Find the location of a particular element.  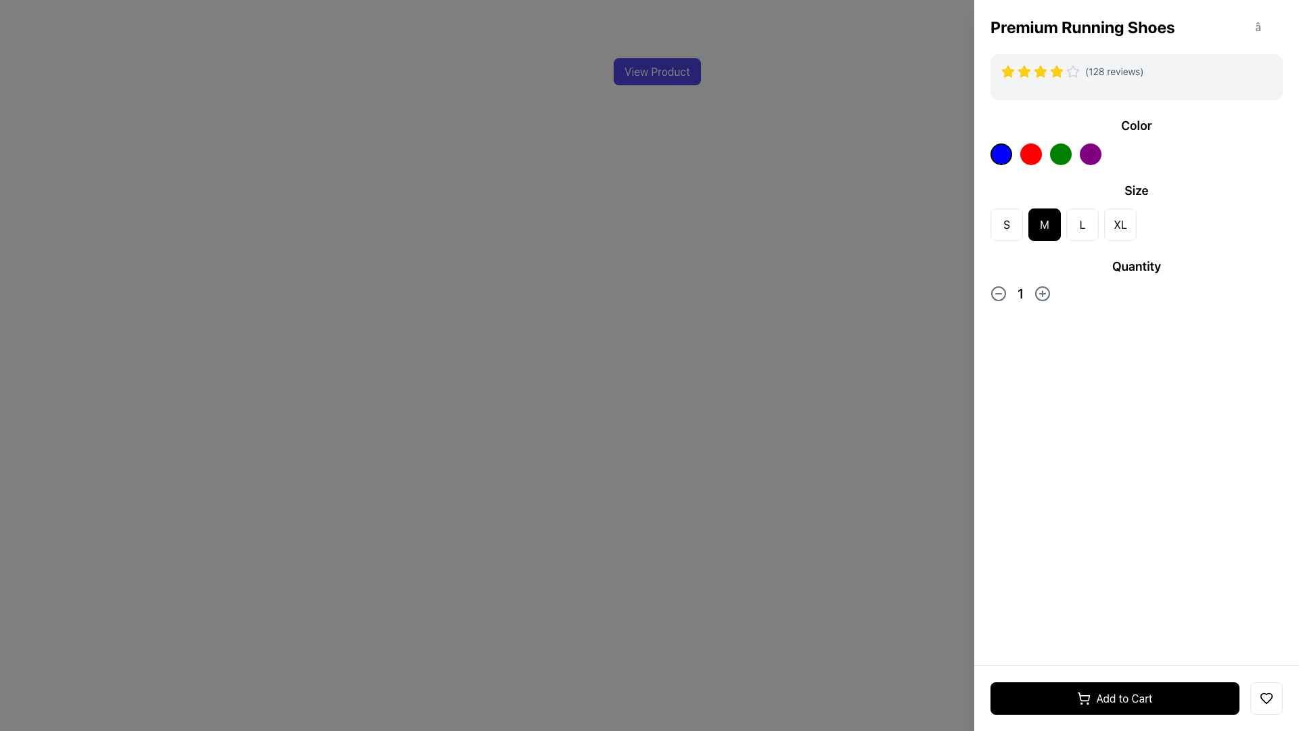

the static text label displaying the word 'Color', which is styled prominently in a bold font and located on the right side of the interface, centrally aligned above the color selection options is located at coordinates (1137, 125).